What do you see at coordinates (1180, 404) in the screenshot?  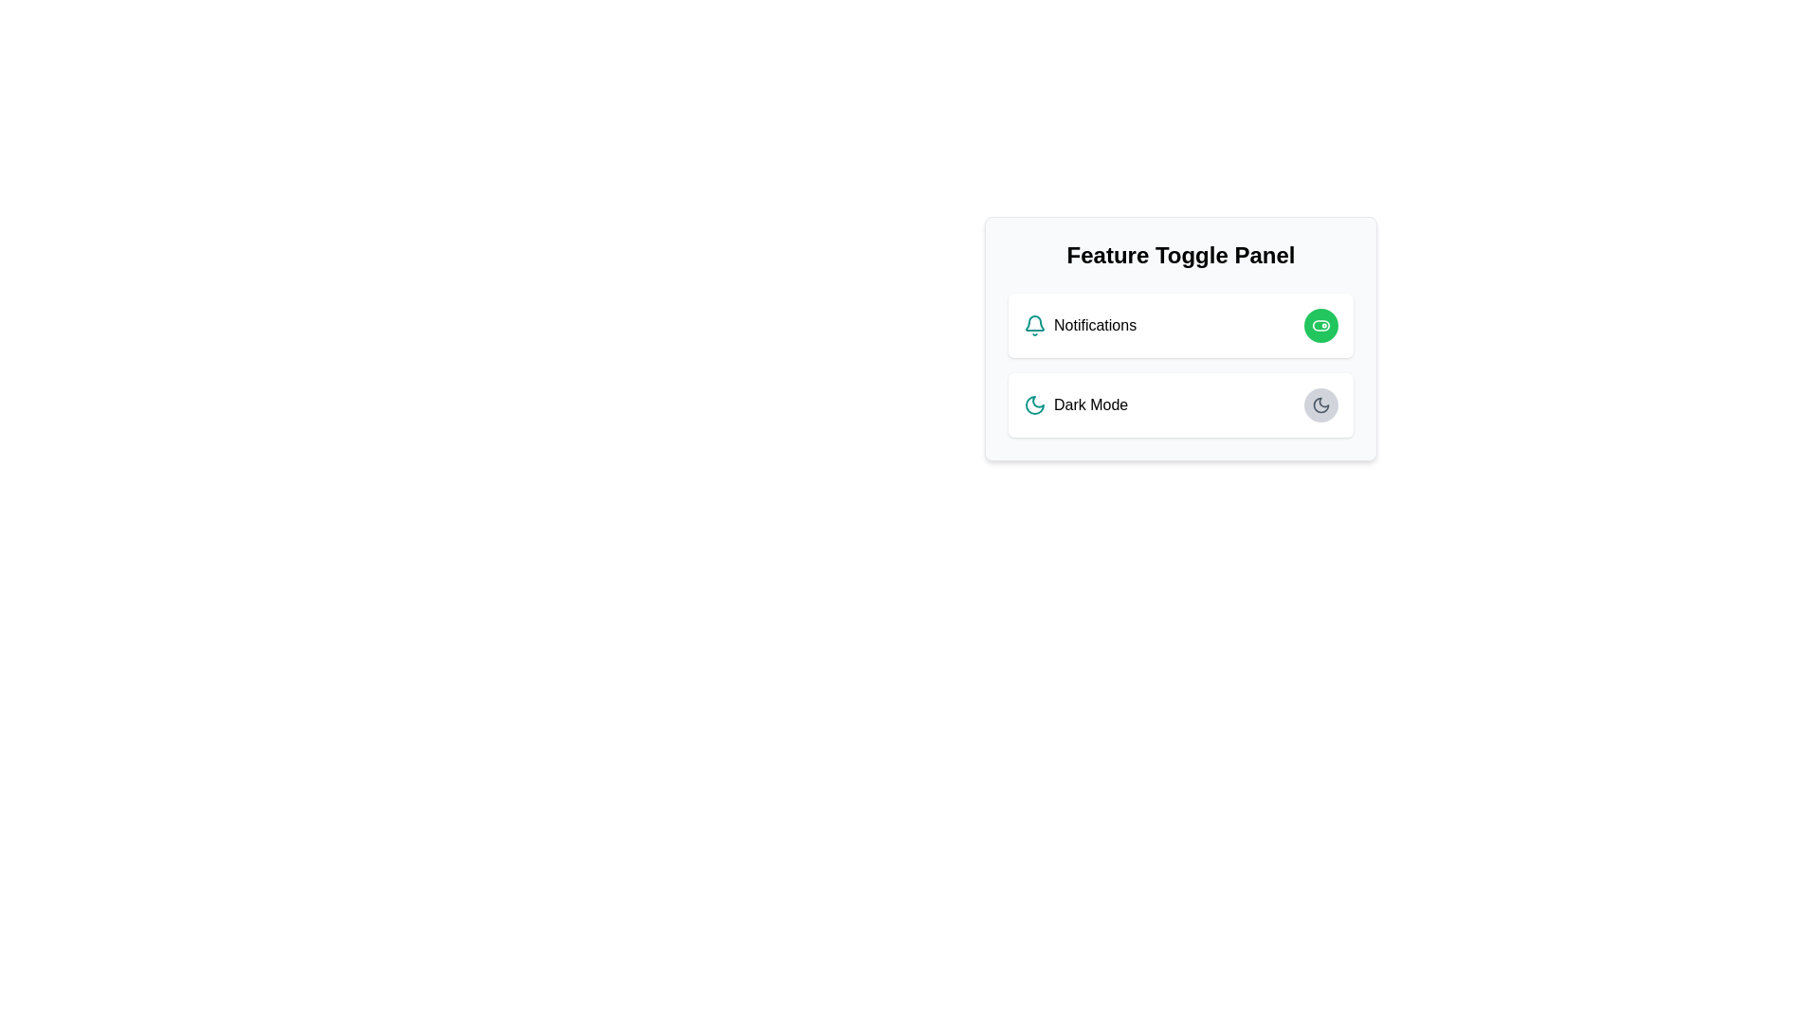 I see `the 'Dark Mode' toggle setting control located in the 'Feature Toggle Panel'` at bounding box center [1180, 404].